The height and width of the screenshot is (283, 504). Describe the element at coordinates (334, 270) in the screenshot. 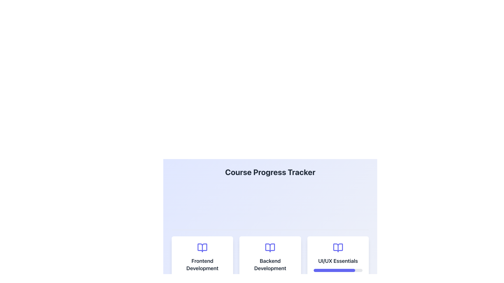

I see `the filled segment of the progress bar indicating 85% completion for the 'UI/UX Essentials' course` at that location.